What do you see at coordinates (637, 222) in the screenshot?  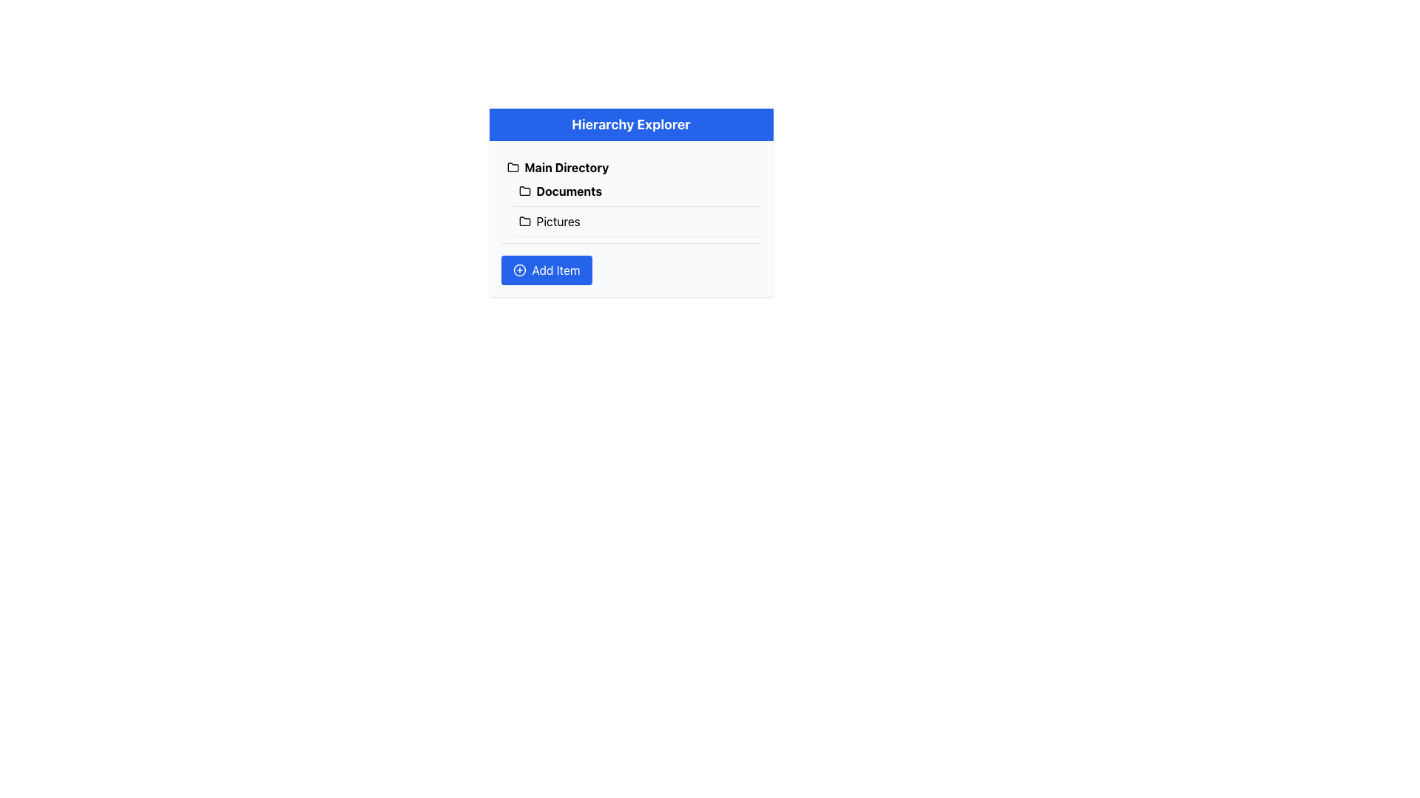 I see `the clickable list item labeled 'Pictures', which is the third item under 'Hierarchy Explorer'` at bounding box center [637, 222].